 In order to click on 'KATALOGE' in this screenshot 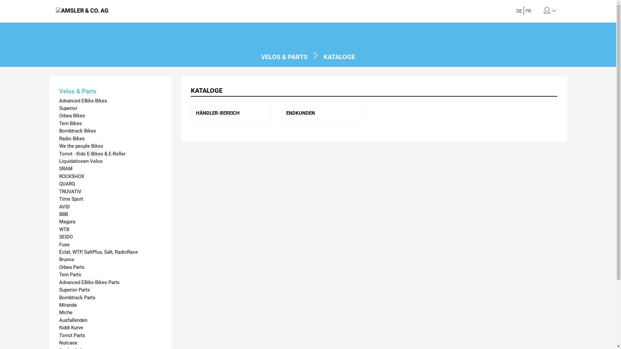, I will do `click(339, 57)`.